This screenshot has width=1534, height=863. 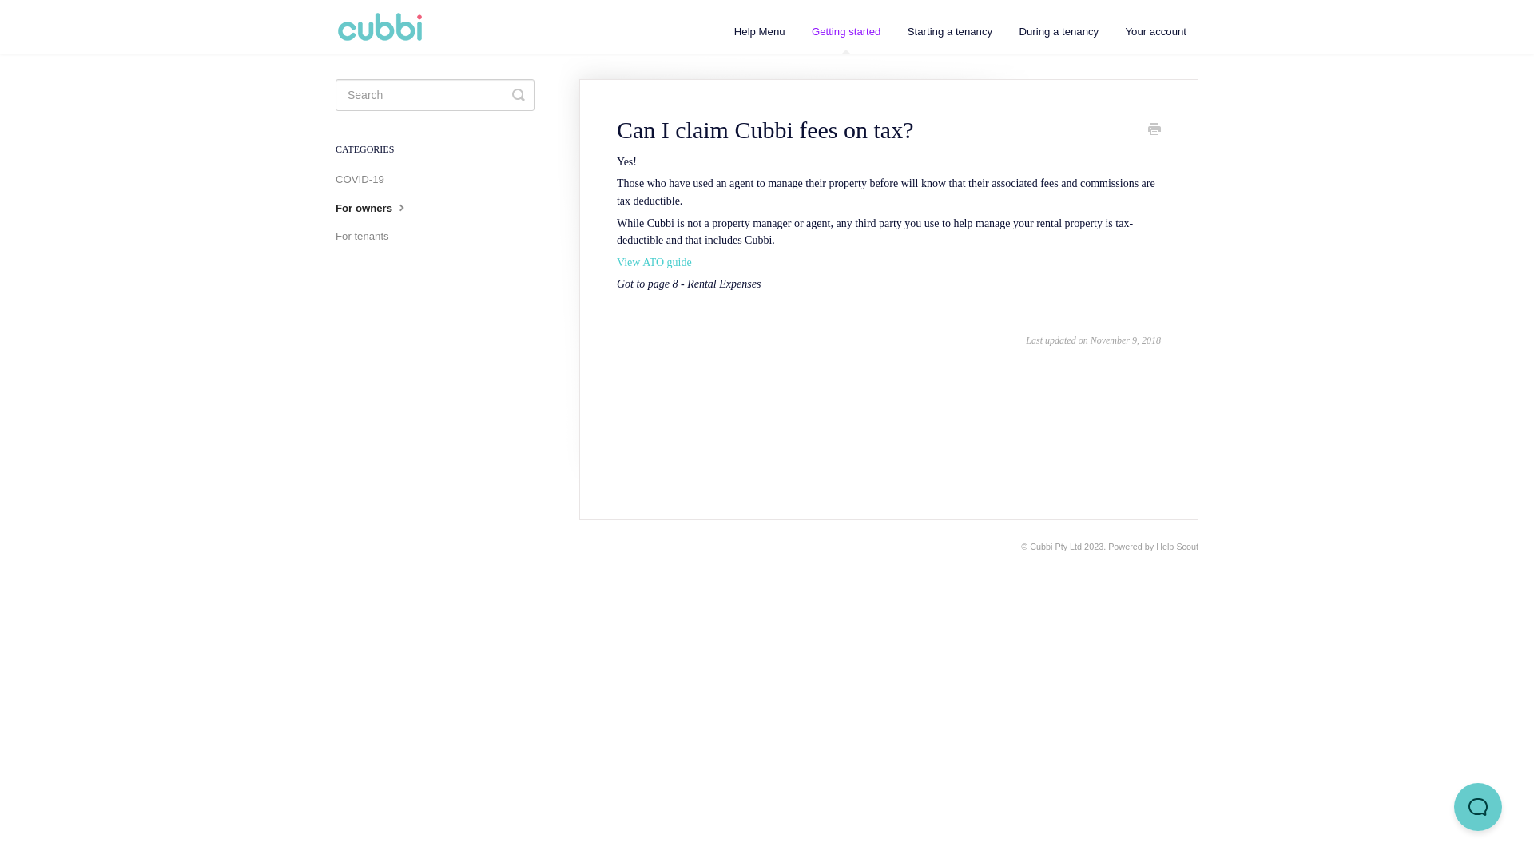 What do you see at coordinates (1177, 545) in the screenshot?
I see `'Help Scout'` at bounding box center [1177, 545].